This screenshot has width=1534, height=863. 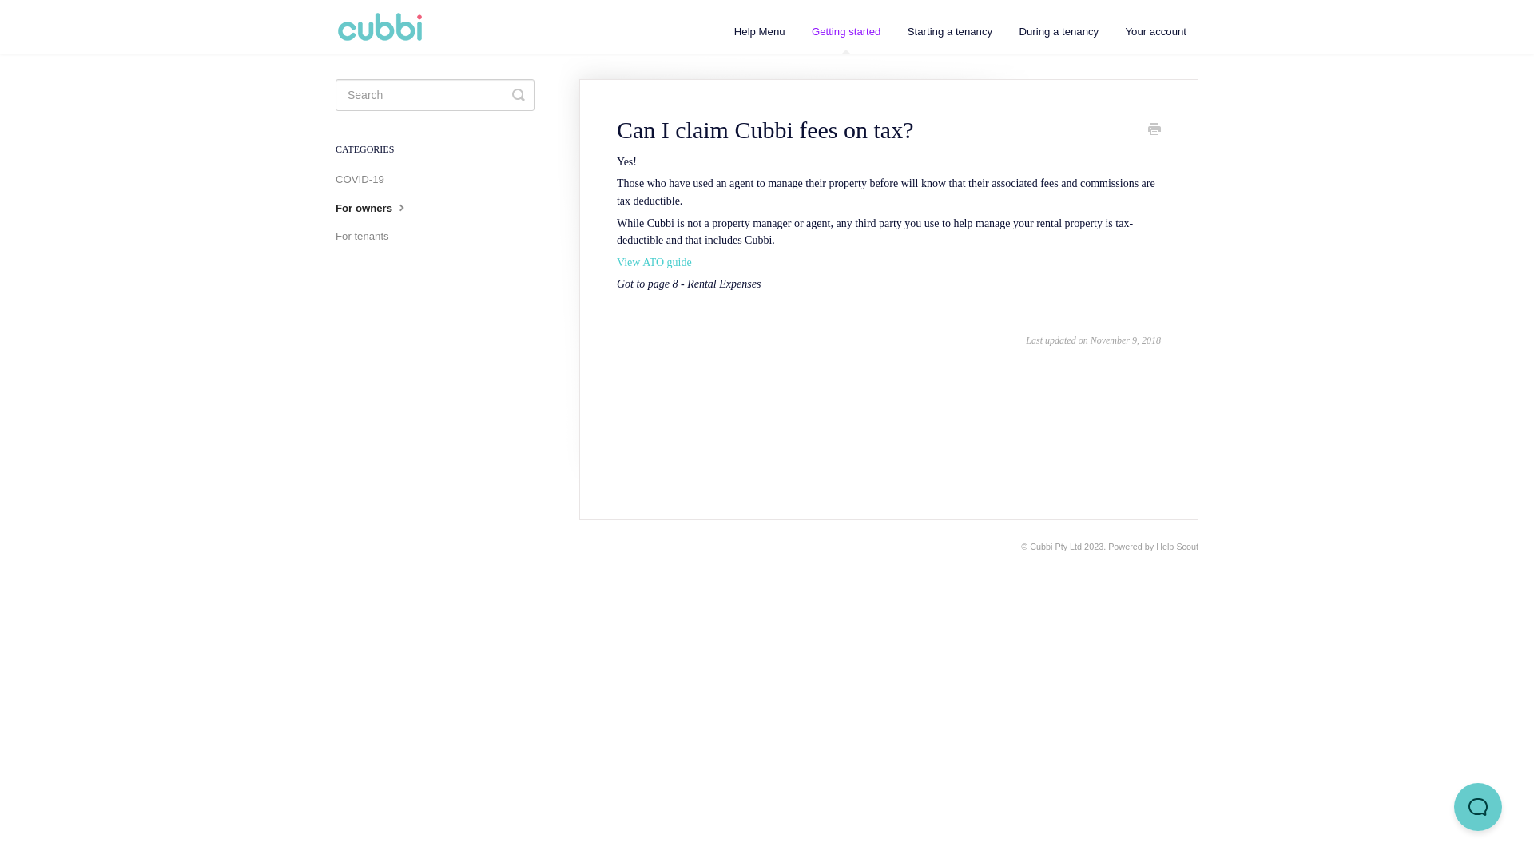 What do you see at coordinates (1177, 545) in the screenshot?
I see `'Help Scout'` at bounding box center [1177, 545].